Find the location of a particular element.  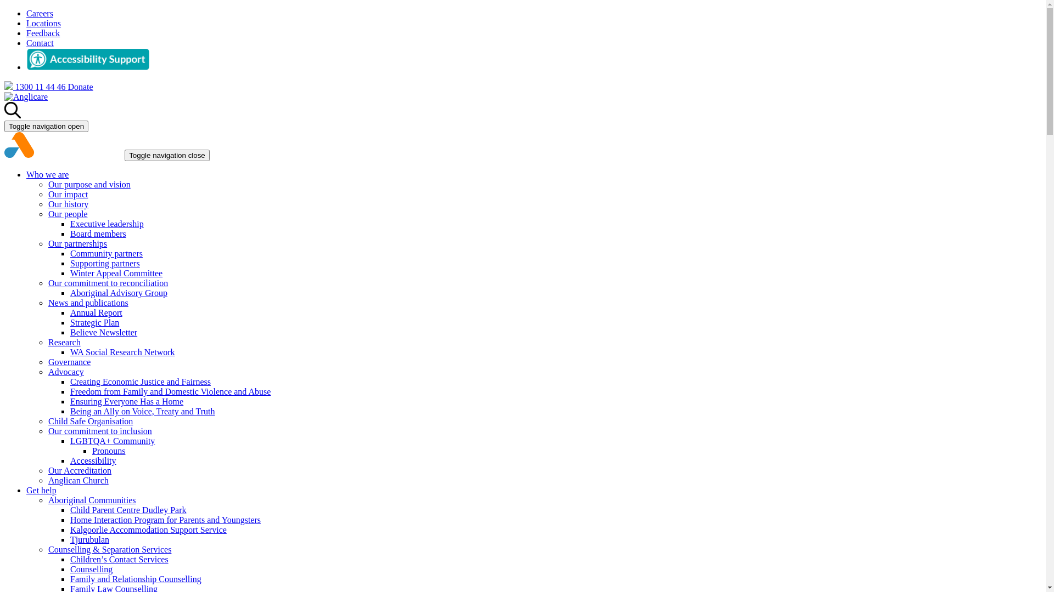

'Ensuring Everyone Has a Home' is located at coordinates (126, 401).